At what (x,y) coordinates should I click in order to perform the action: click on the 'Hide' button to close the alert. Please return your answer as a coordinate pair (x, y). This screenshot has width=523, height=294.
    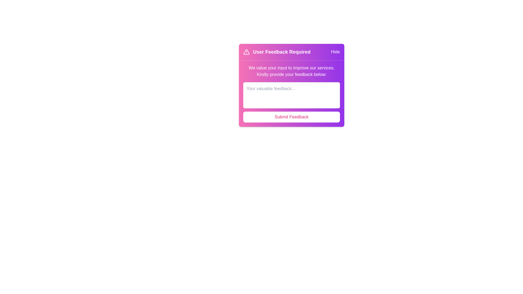
    Looking at the image, I should click on (335, 52).